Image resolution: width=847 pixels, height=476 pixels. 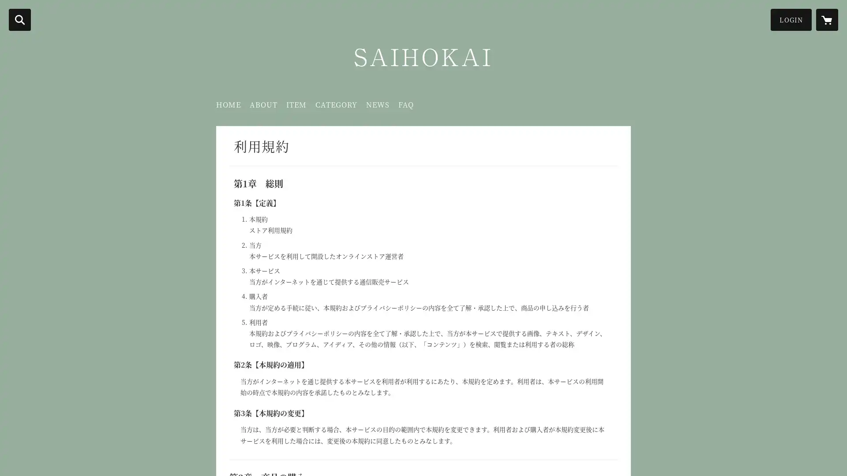 I want to click on LOGIN, so click(x=791, y=20).